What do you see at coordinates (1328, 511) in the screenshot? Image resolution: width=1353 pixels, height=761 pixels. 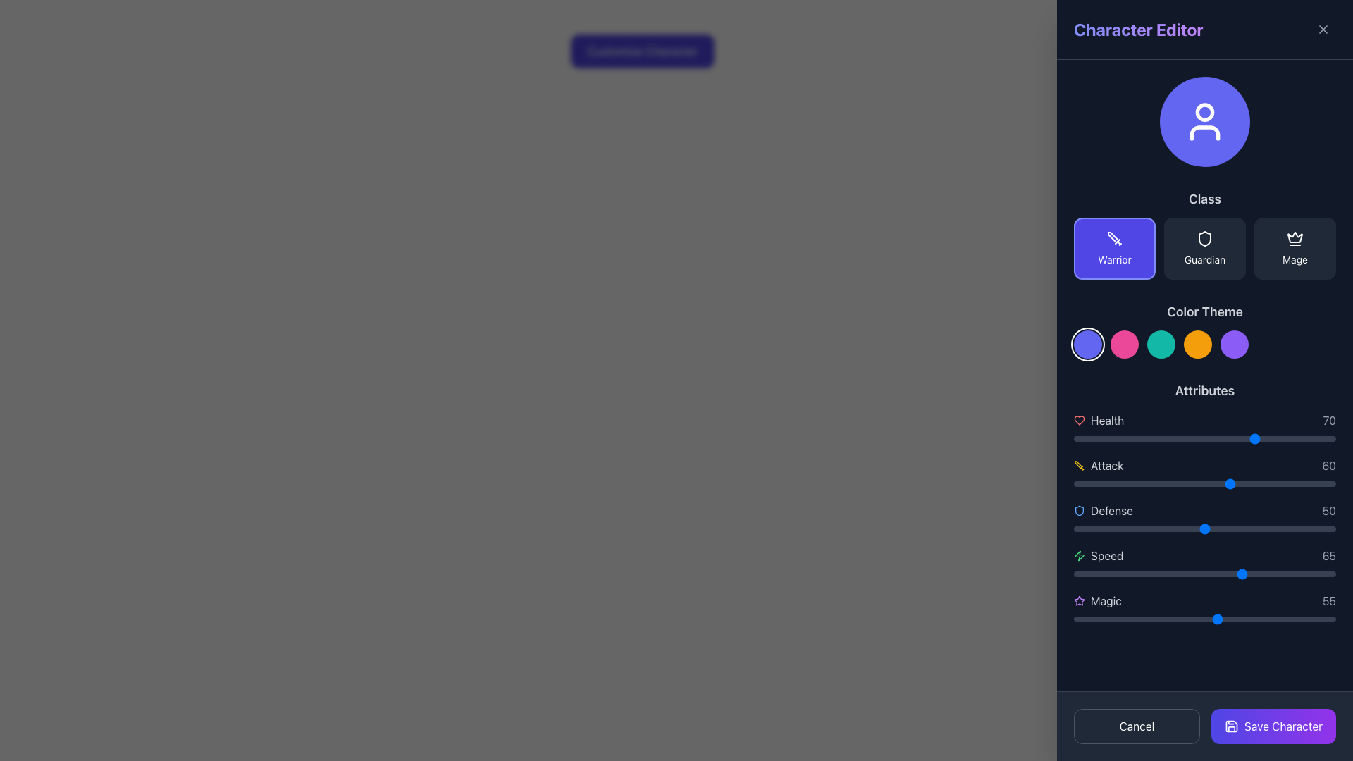 I see `the text display indicating the 'Defense' attribute, which is positioned to the right of the word 'Defense' and a shield icon` at bounding box center [1328, 511].